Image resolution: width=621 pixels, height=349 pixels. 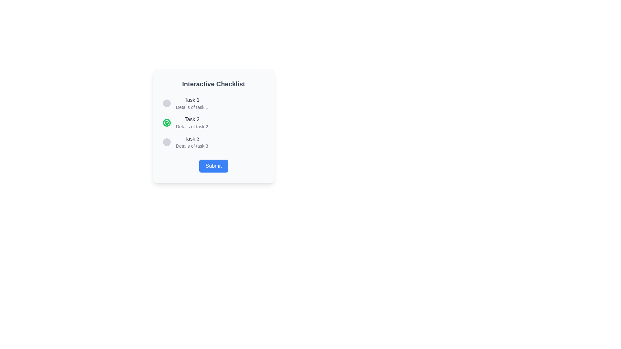 What do you see at coordinates (167, 142) in the screenshot?
I see `the circular light gray button located to the left of 'Task 3Details of task 3'` at bounding box center [167, 142].